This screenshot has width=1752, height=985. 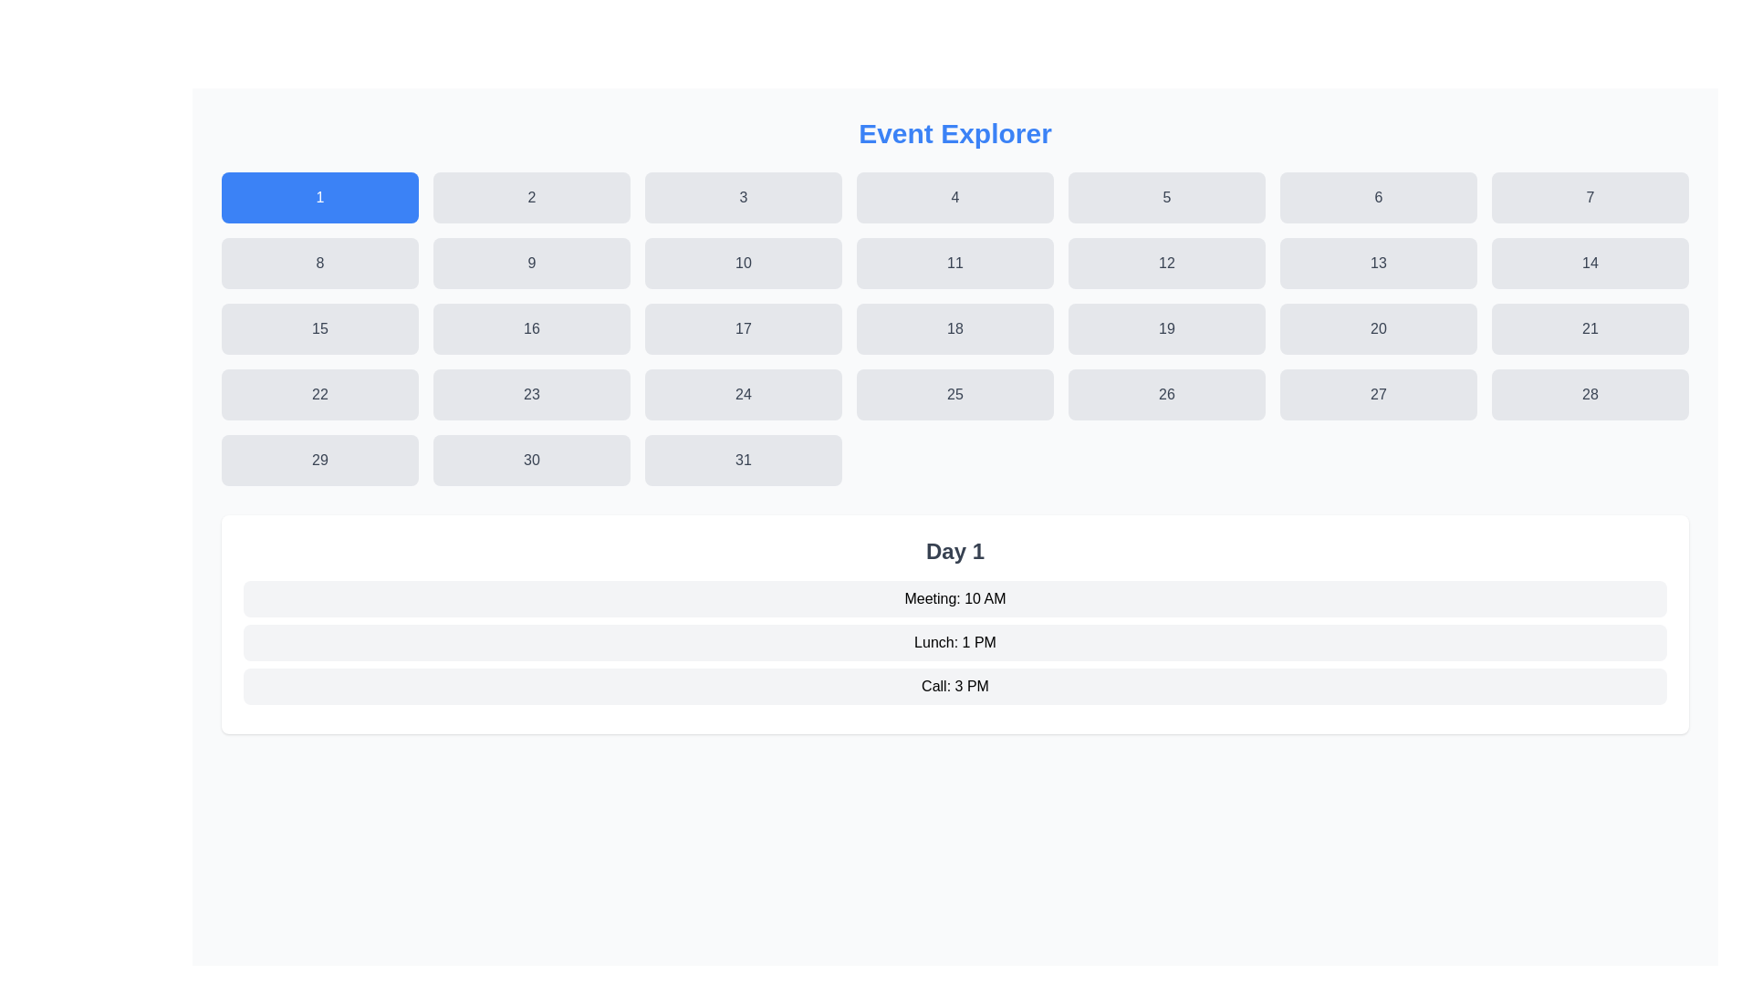 I want to click on the button labeled '27' in the calendar grid layout, so click(x=1379, y=393).